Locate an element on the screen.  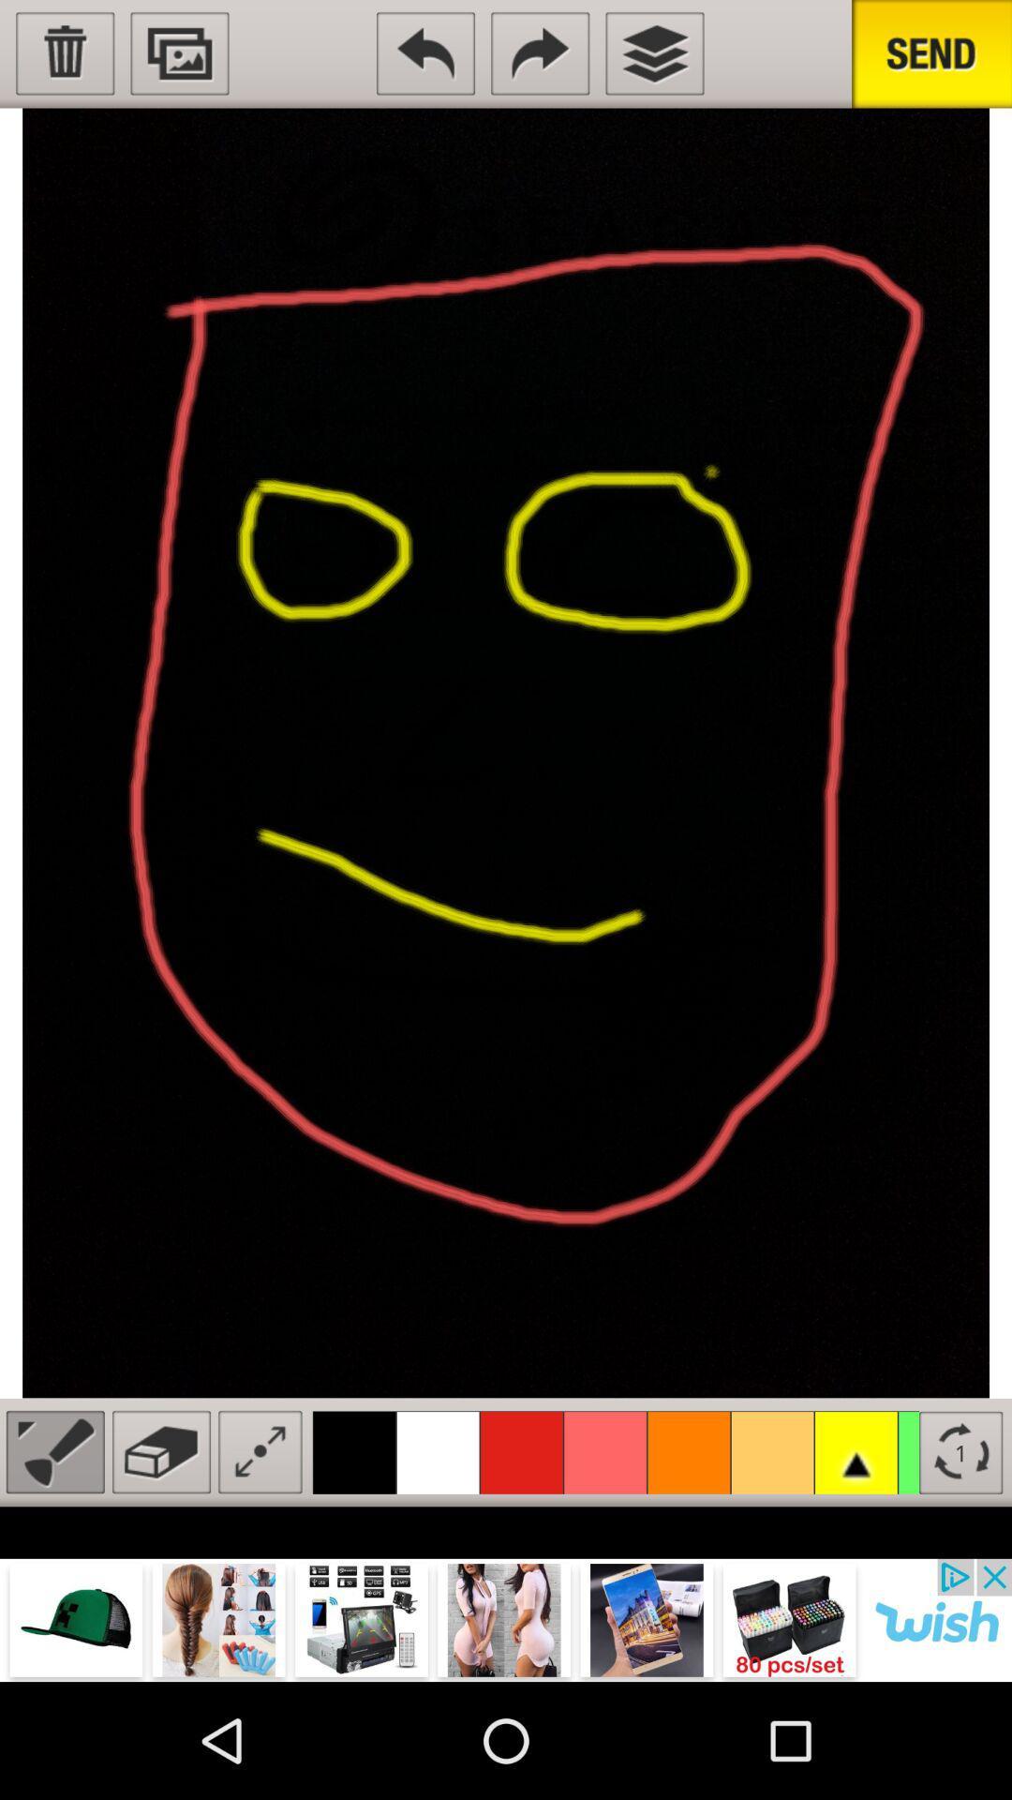
image is located at coordinates (180, 53).